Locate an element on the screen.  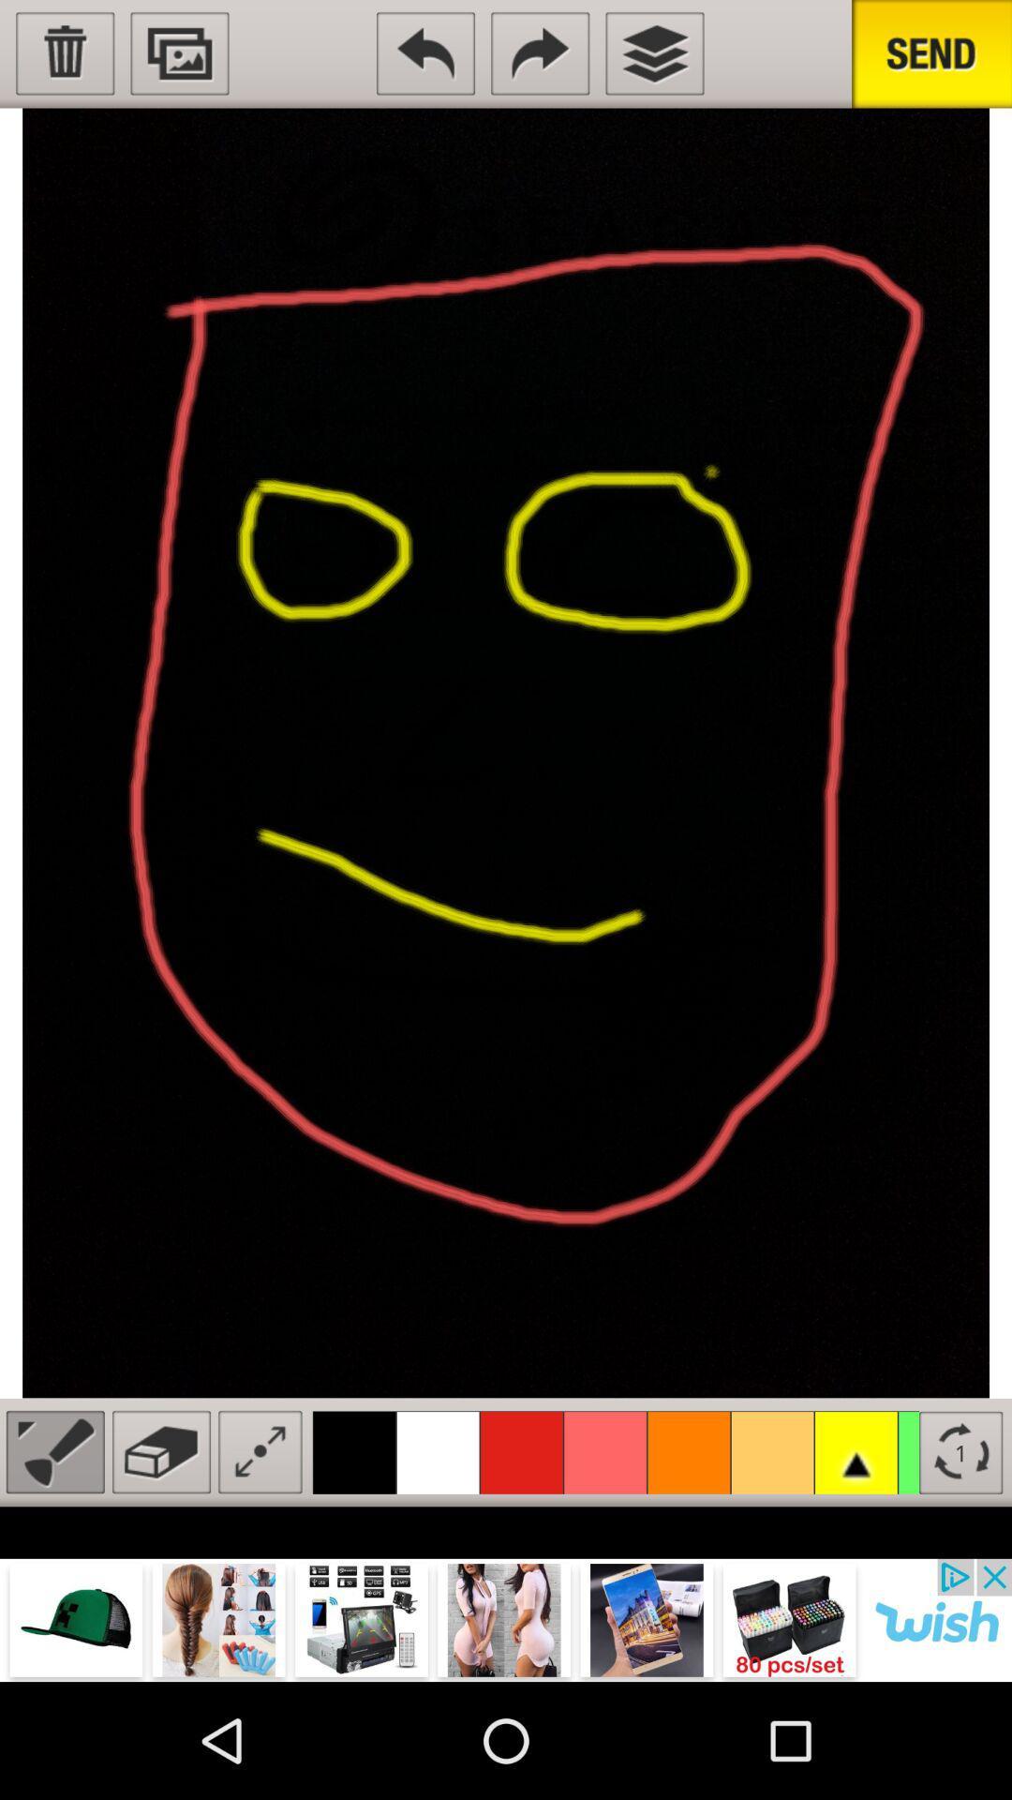
image is located at coordinates (180, 53).